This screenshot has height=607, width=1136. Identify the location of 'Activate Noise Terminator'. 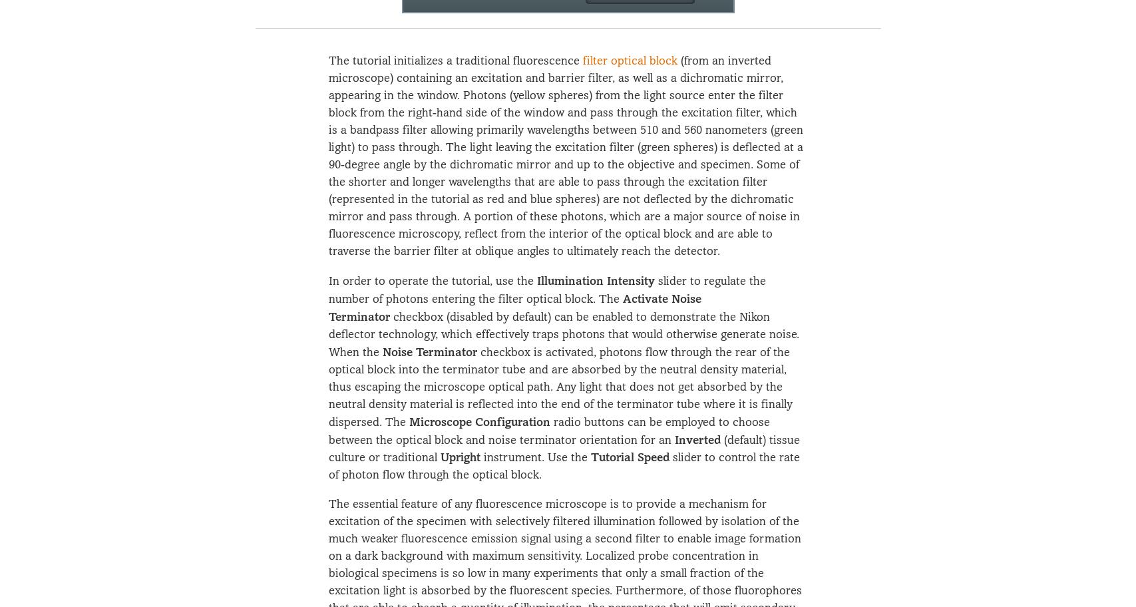
(514, 307).